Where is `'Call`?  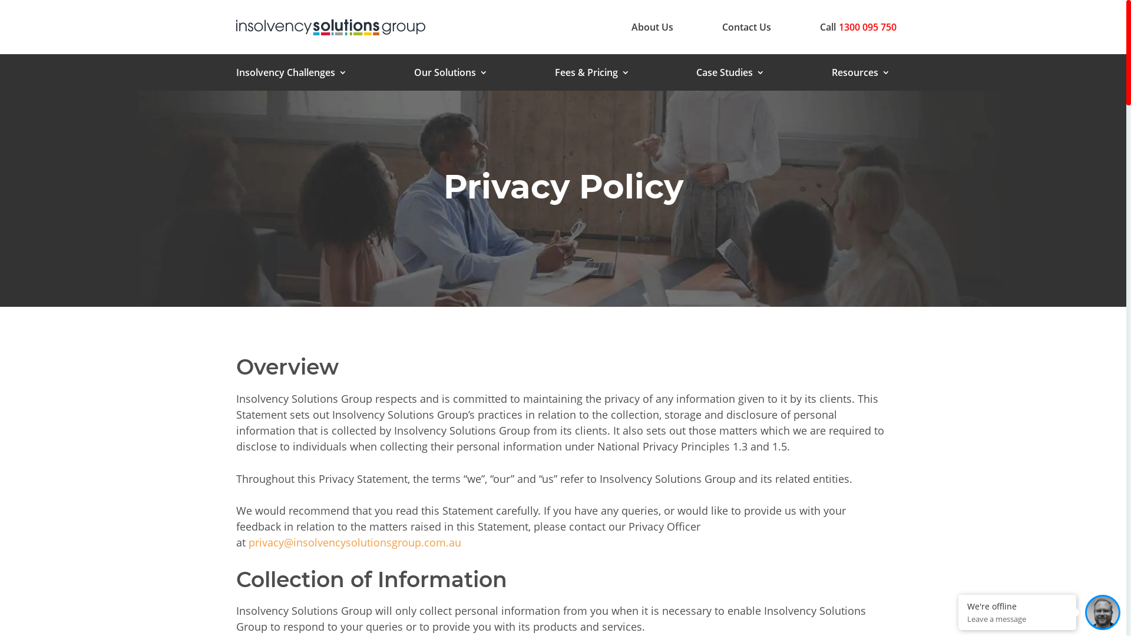 'Call is located at coordinates (819, 26).